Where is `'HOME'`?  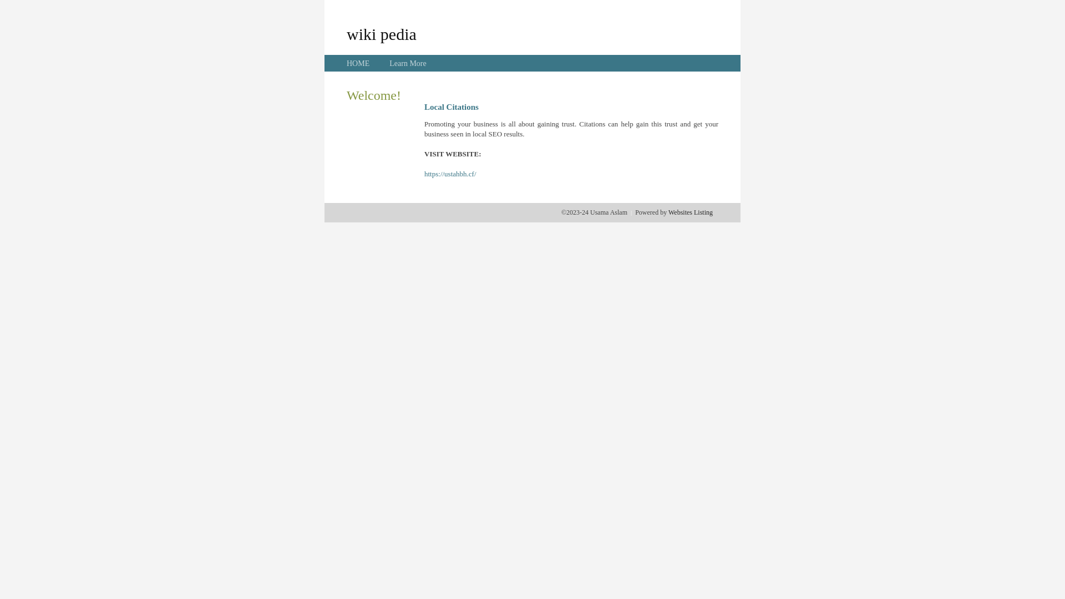
'HOME' is located at coordinates (358, 63).